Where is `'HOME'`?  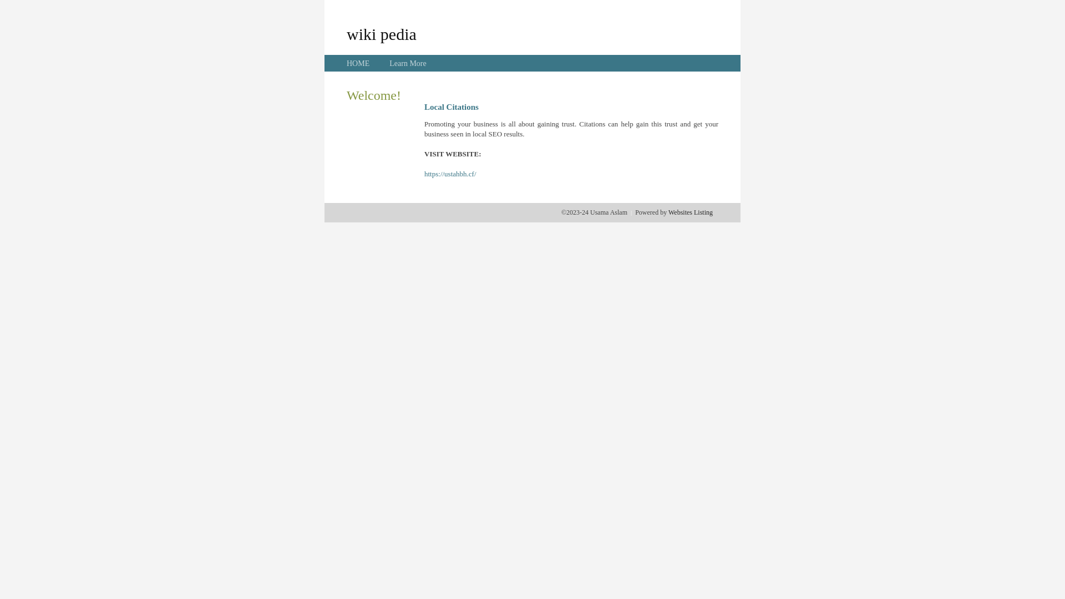
'HOME' is located at coordinates (358, 63).